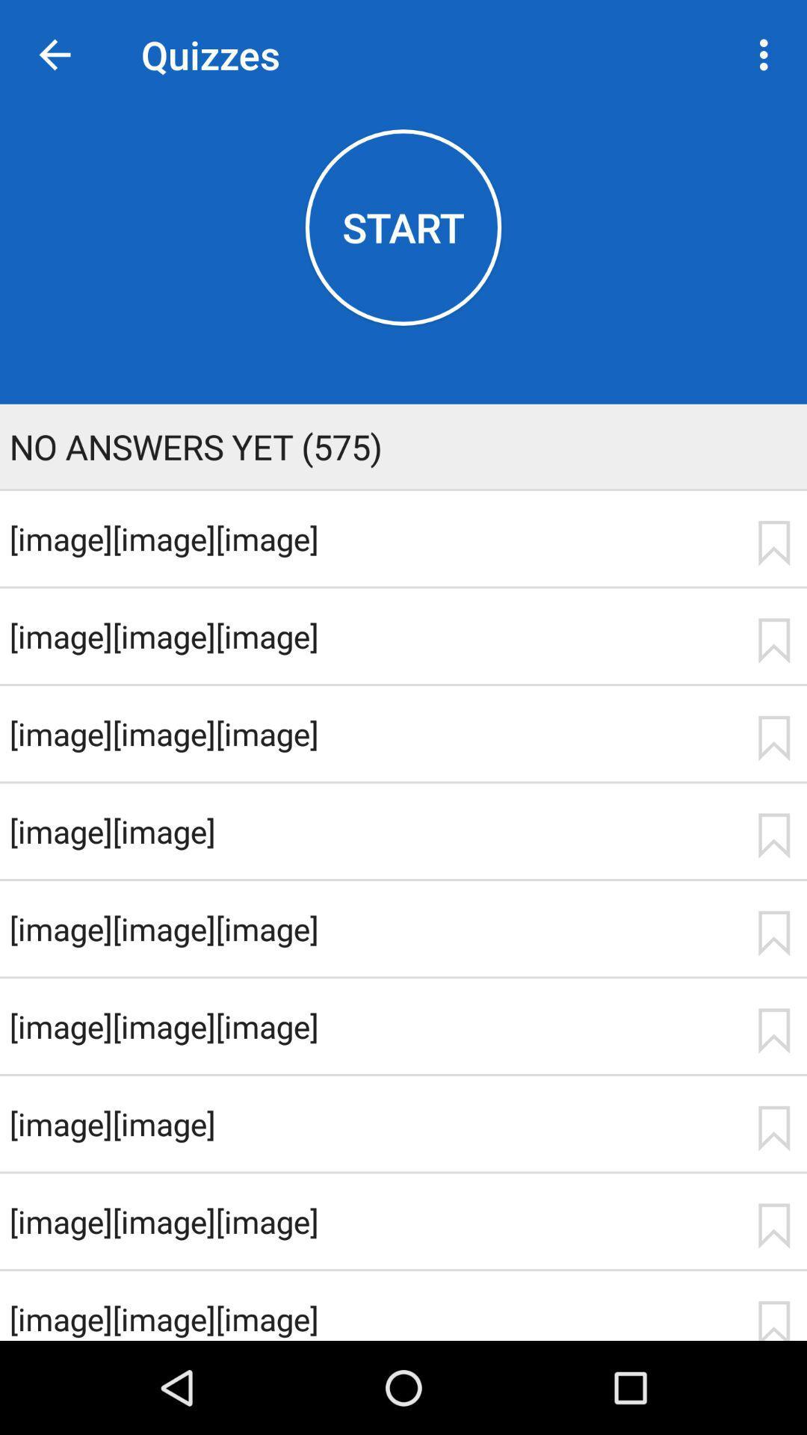 Image resolution: width=807 pixels, height=1435 pixels. What do you see at coordinates (773, 641) in the screenshot?
I see `item to the right of the [image][image][image]` at bounding box center [773, 641].